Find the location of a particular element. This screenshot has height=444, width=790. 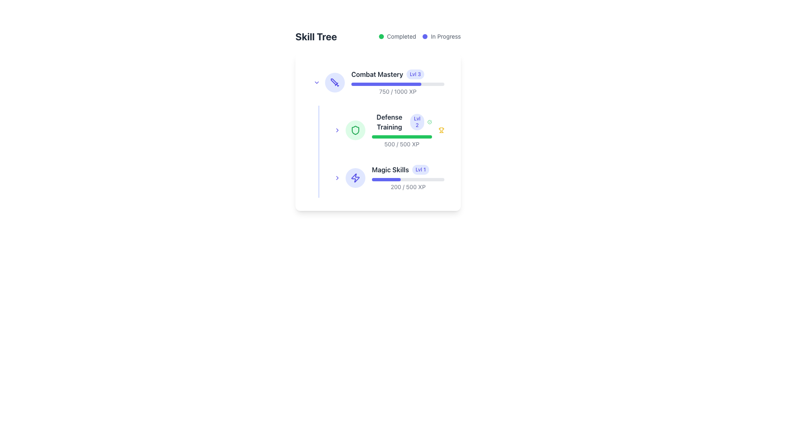

the skill overview element displaying the name and level of a skill, located below 'Defense Training Lvl 2' and above the progress bar in the skill tree interface is located at coordinates (408, 169).